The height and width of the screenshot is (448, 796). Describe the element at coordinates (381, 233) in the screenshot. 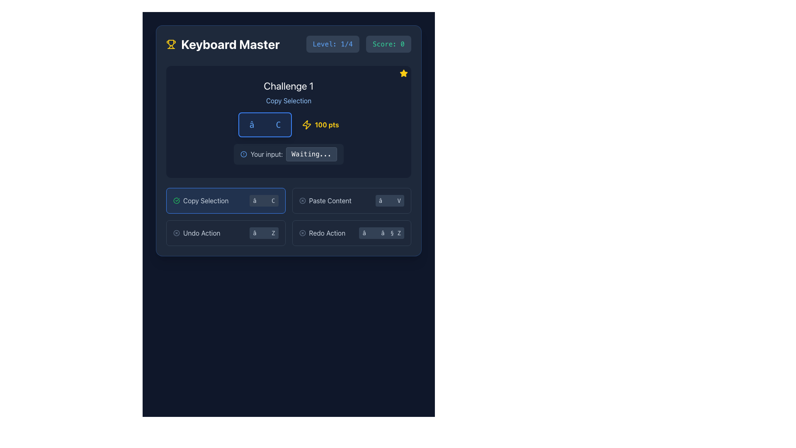

I see `the Shortcut Display element, which is a rectangular button-like component with a dark slate background displaying the keyboard shortcut '⌘ ⇧ Z' in a light slate color, located at the bottom-right section of the application interface` at that location.